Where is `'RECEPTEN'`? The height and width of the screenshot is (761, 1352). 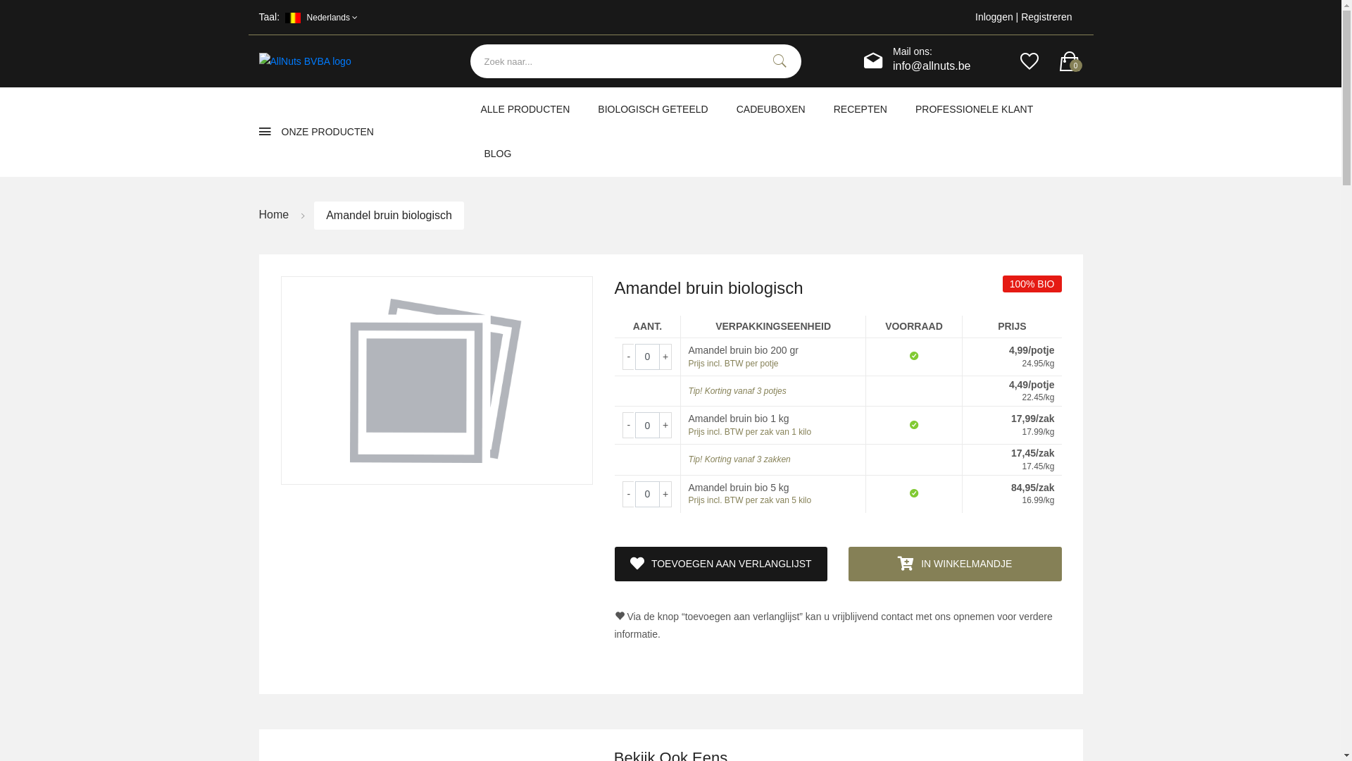
'RECEPTEN' is located at coordinates (860, 109).